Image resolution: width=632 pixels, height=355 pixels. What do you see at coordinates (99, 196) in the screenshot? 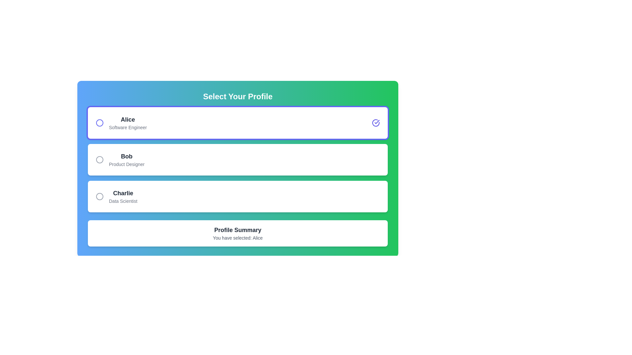
I see `the circular icon with a gray stroke located to the left of the text 'Charlie' and 'Data Scientist' in the third selectable profile row` at bounding box center [99, 196].